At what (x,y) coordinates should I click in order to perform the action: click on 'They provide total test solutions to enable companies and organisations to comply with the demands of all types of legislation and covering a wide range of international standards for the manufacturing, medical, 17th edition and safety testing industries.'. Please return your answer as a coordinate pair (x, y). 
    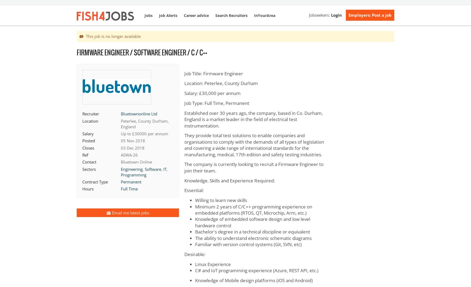
    Looking at the image, I should click on (254, 145).